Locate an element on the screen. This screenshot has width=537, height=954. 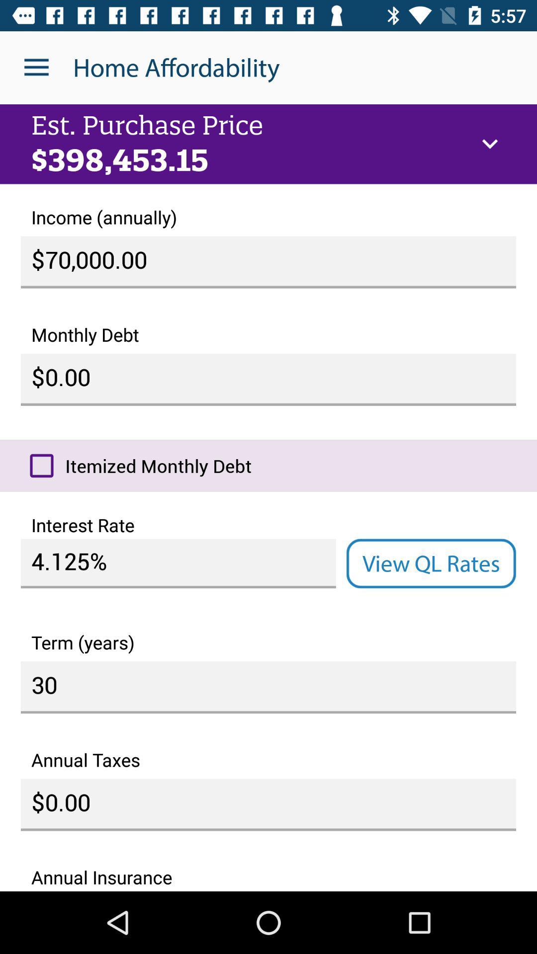
the 30 icon is located at coordinates (268, 687).